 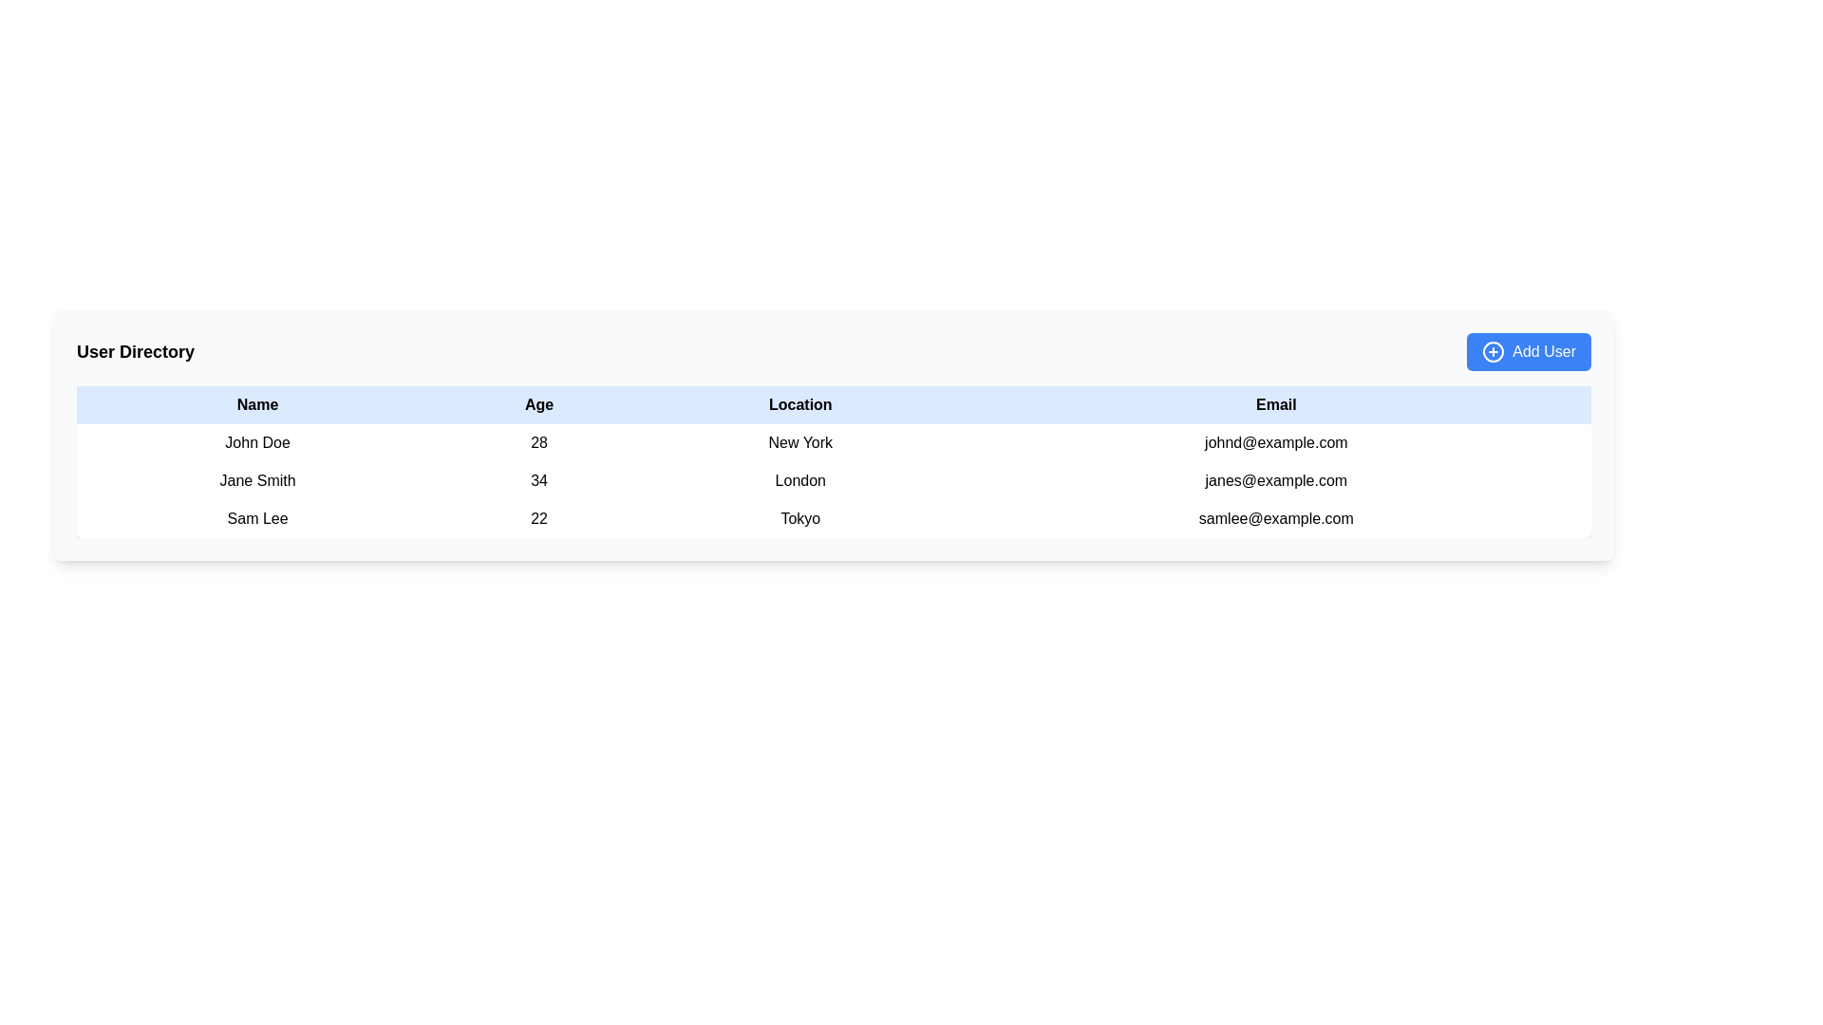 I want to click on the static text displaying the email address 'johnd@example.com' associated with user 'John Doe.', so click(x=1276, y=442).